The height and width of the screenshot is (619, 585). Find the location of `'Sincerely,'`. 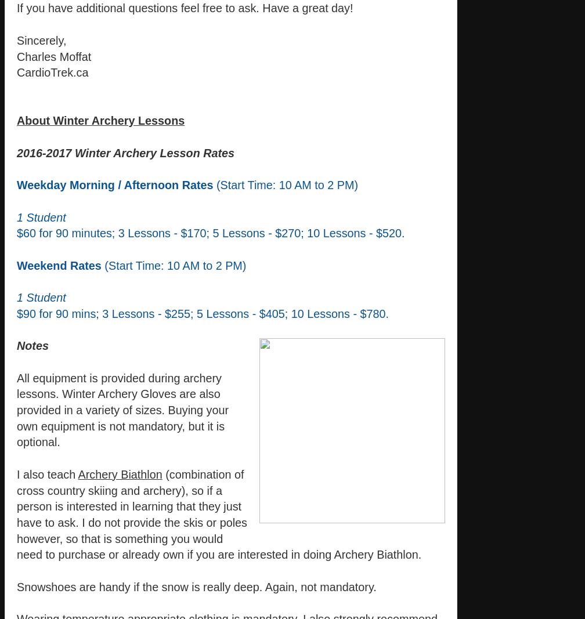

'Sincerely,' is located at coordinates (41, 39).